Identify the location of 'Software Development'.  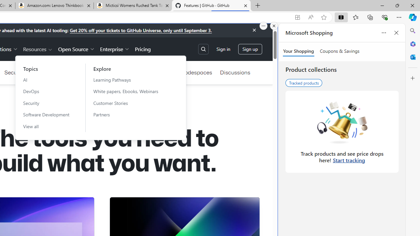
(46, 114).